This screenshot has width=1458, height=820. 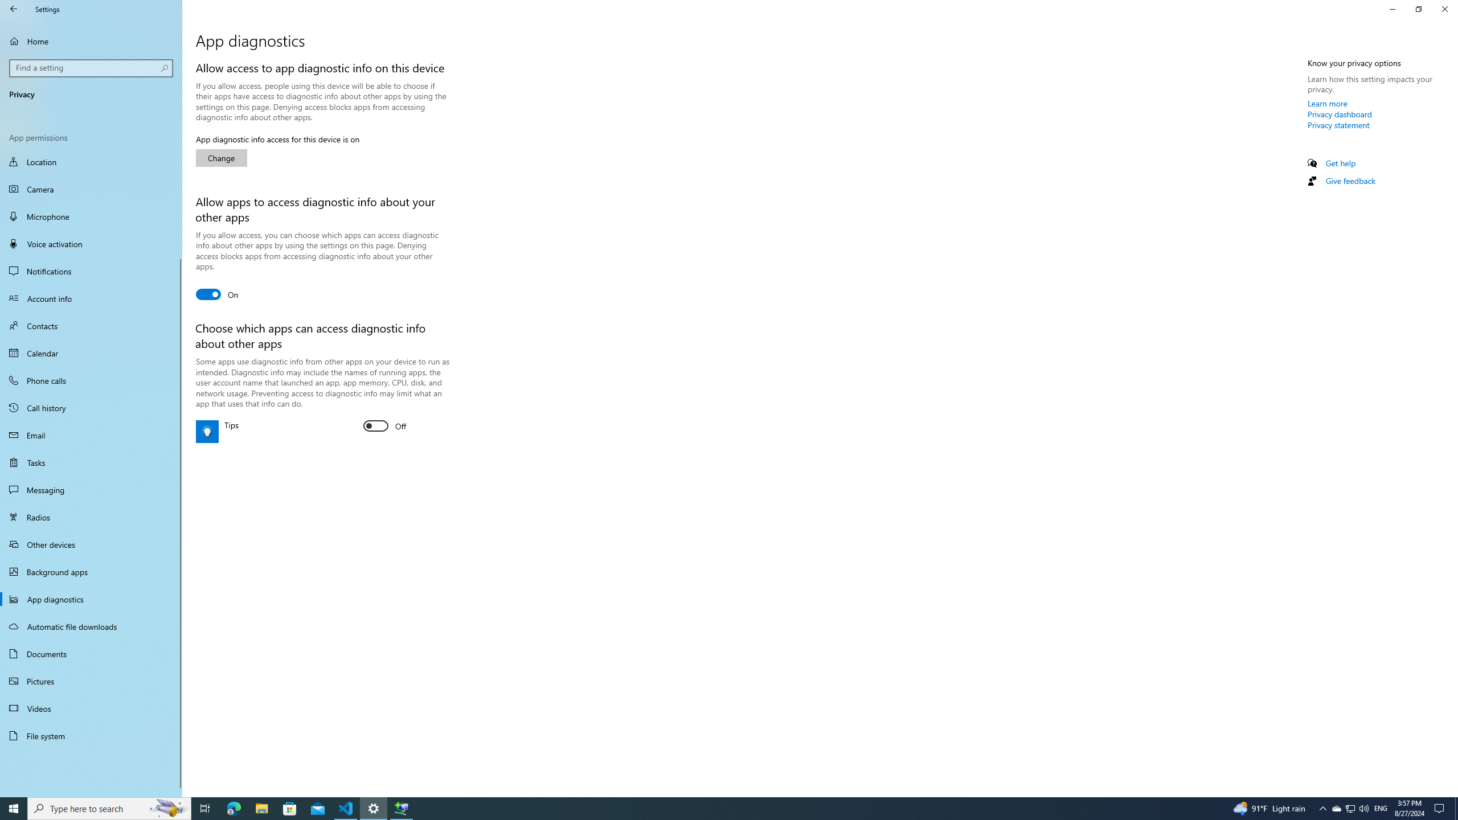 I want to click on 'Microsoft Store', so click(x=290, y=807).